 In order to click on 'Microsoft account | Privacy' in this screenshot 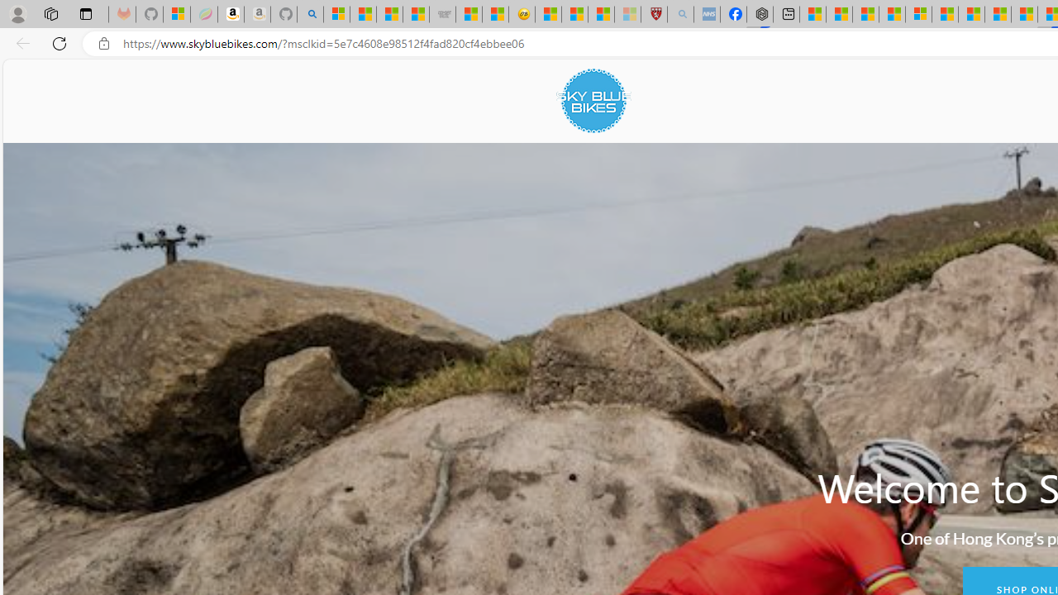, I will do `click(917, 14)`.